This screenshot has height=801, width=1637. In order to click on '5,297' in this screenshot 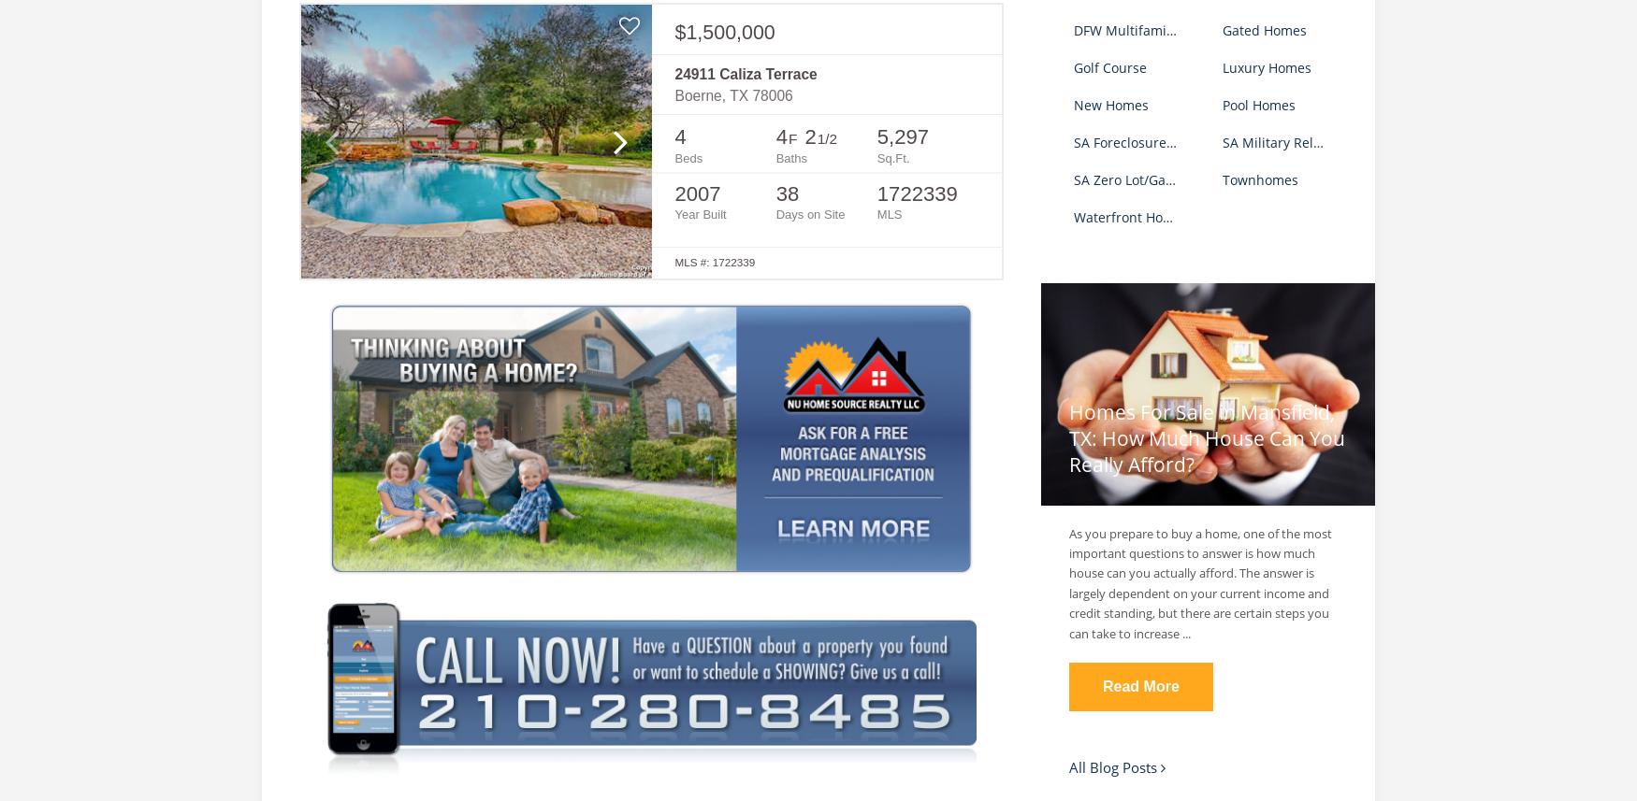, I will do `click(902, 135)`.